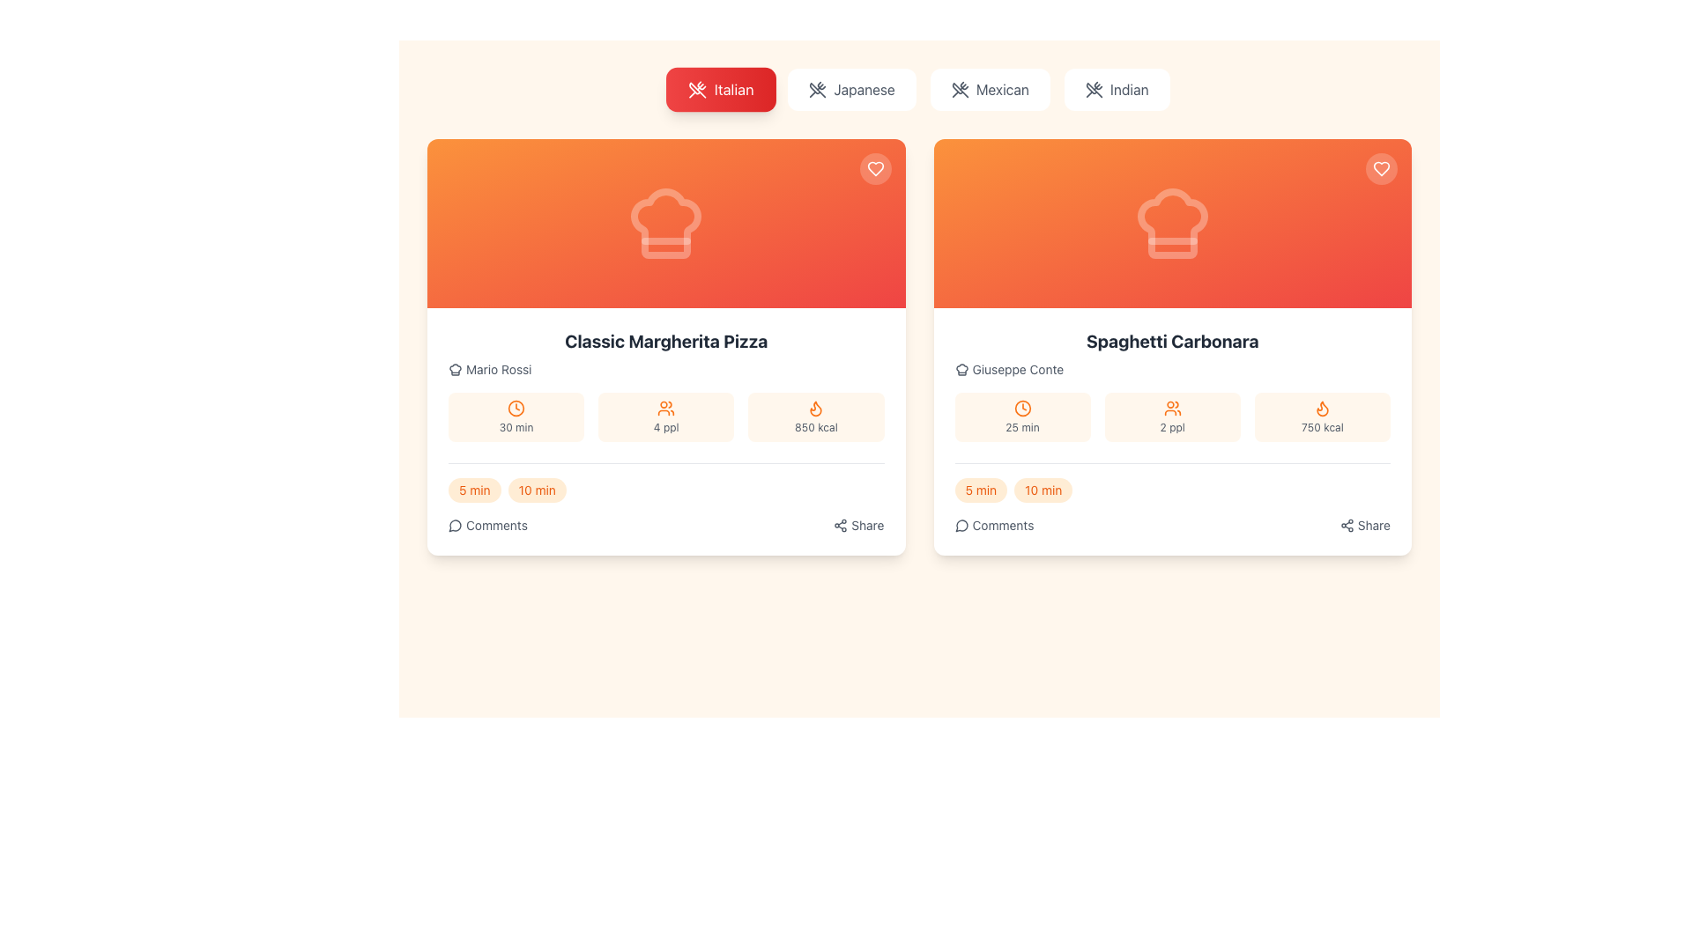 This screenshot has height=951, width=1692. What do you see at coordinates (1093, 89) in the screenshot?
I see `the 'Indian' cuisine selection icon located at the top-right corner of the buttons group` at bounding box center [1093, 89].